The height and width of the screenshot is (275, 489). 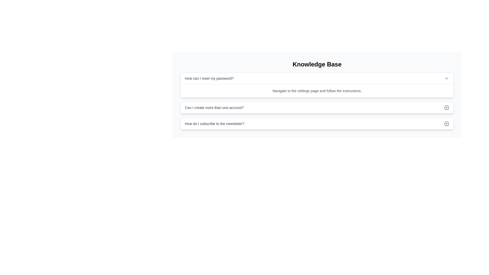 What do you see at coordinates (446, 107) in the screenshot?
I see `the decorative circle that forms the visual base for the plus icon located to the right of the list item titled 'Can I create more than one account?'` at bounding box center [446, 107].